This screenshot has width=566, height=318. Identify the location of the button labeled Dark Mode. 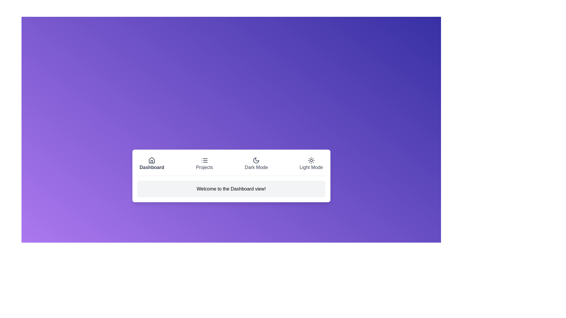
(256, 164).